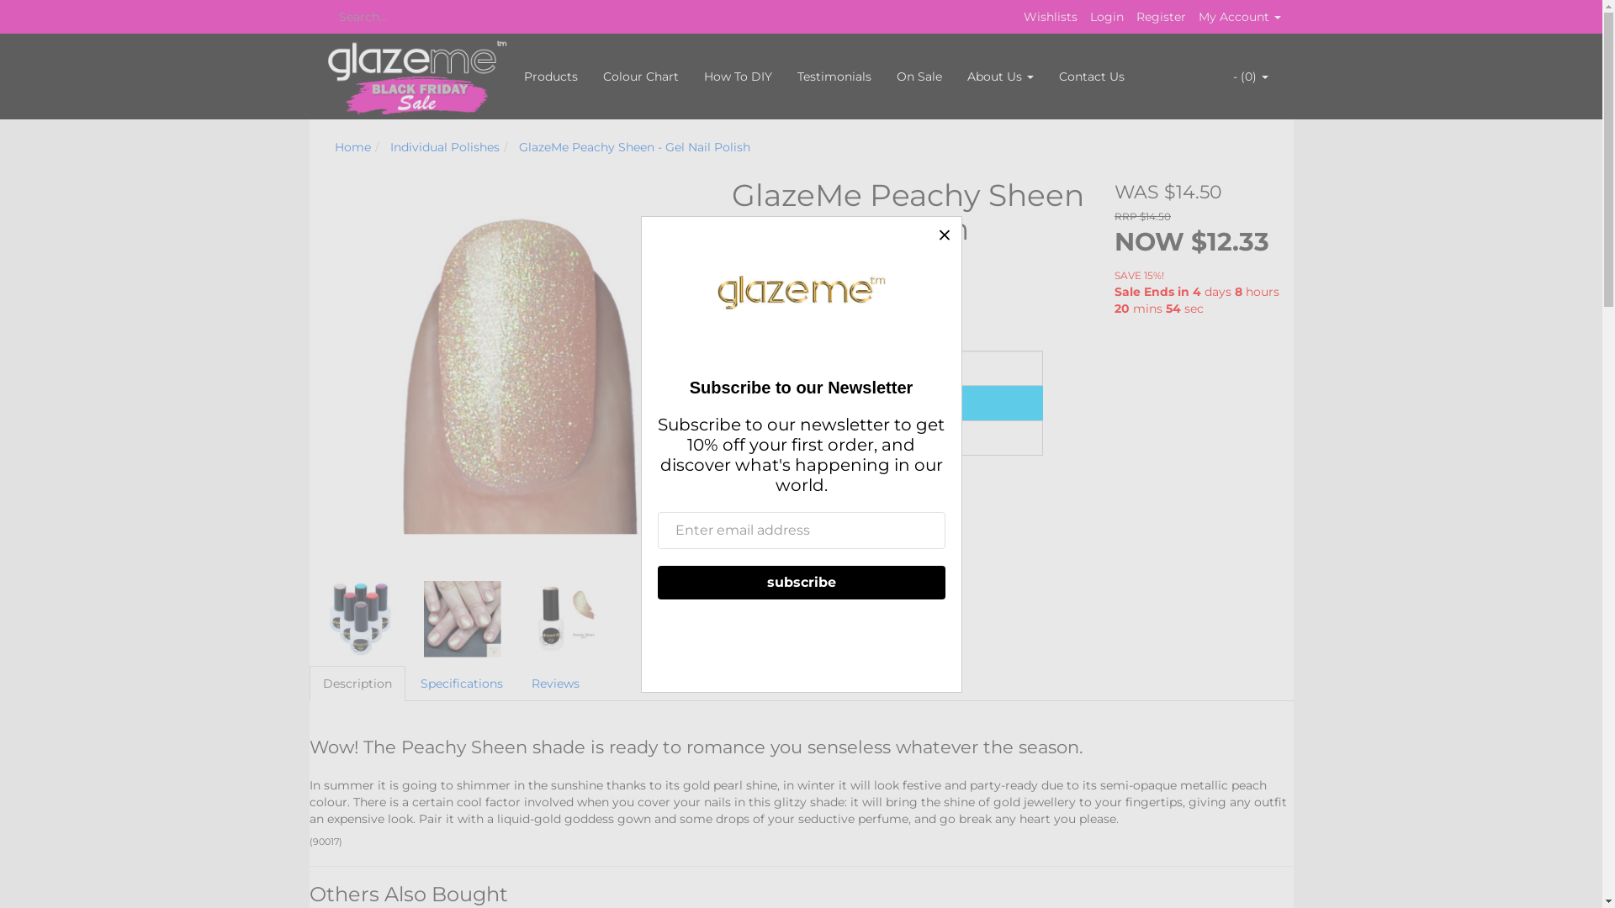 This screenshot has height=908, width=1615. I want to click on 'Large View', so click(424, 619).